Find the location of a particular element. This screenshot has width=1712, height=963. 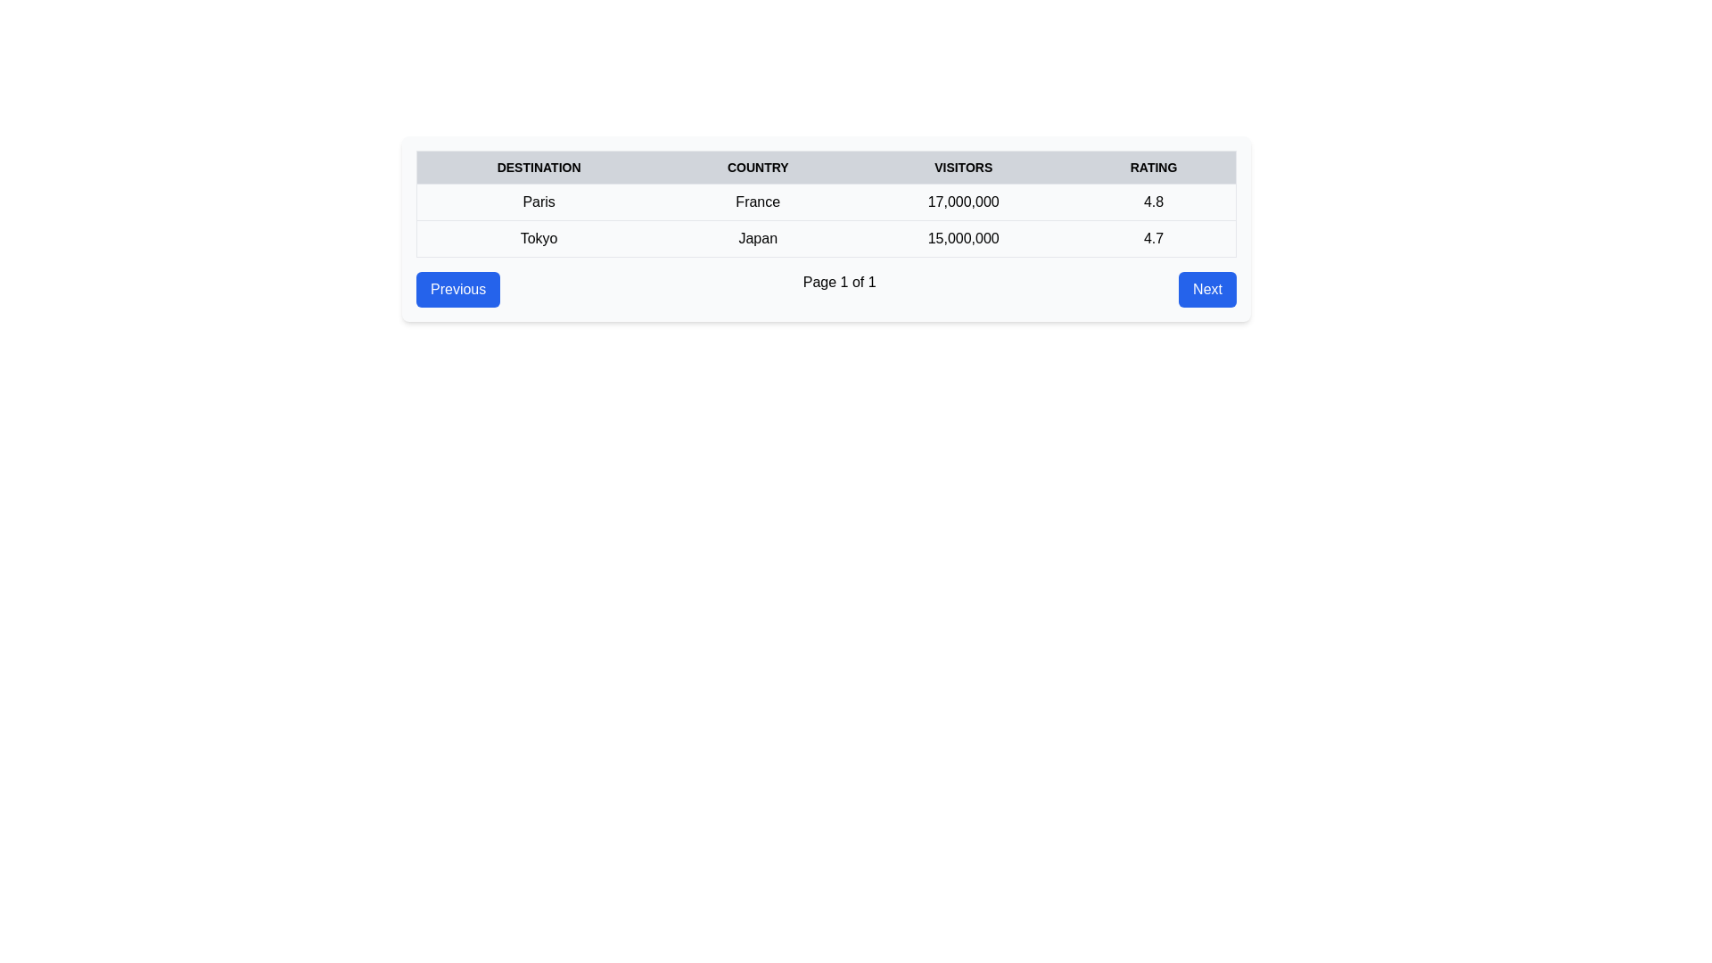

the Text Label displaying the name of the destination 'Tokyo' in the second row, first column of the table is located at coordinates (538, 237).